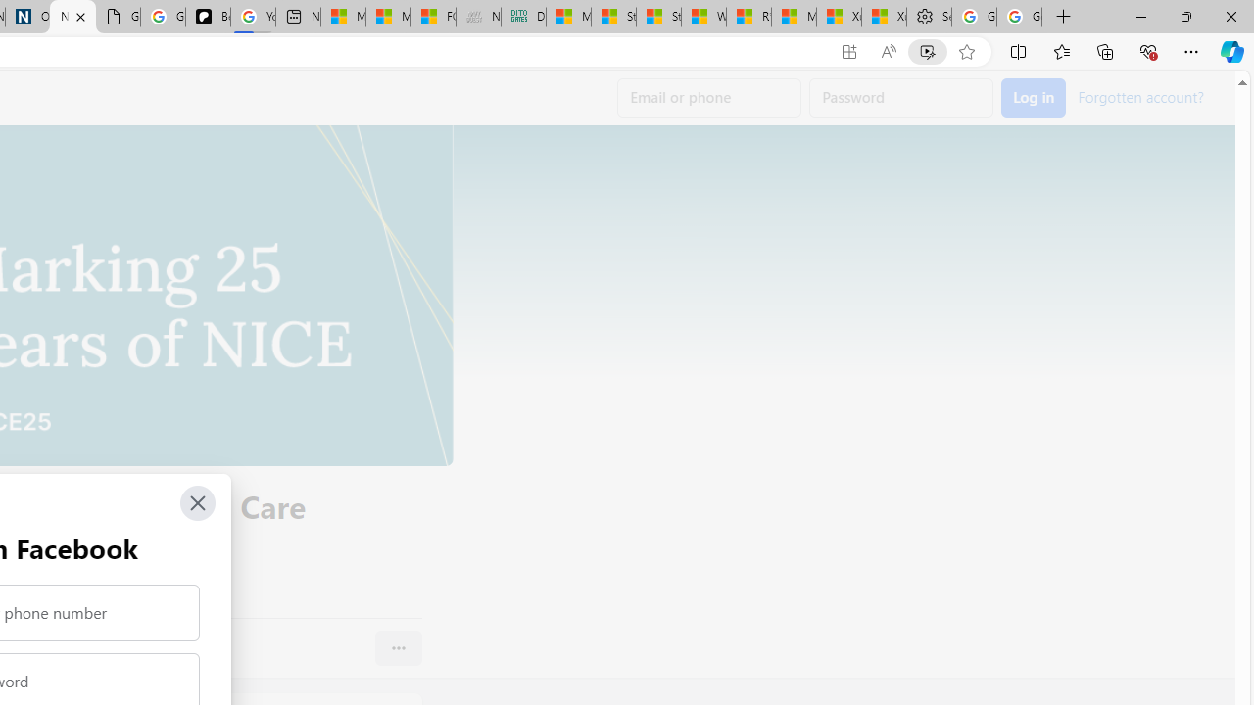  Describe the element at coordinates (1033, 98) in the screenshot. I see `'Accessible login button'` at that location.